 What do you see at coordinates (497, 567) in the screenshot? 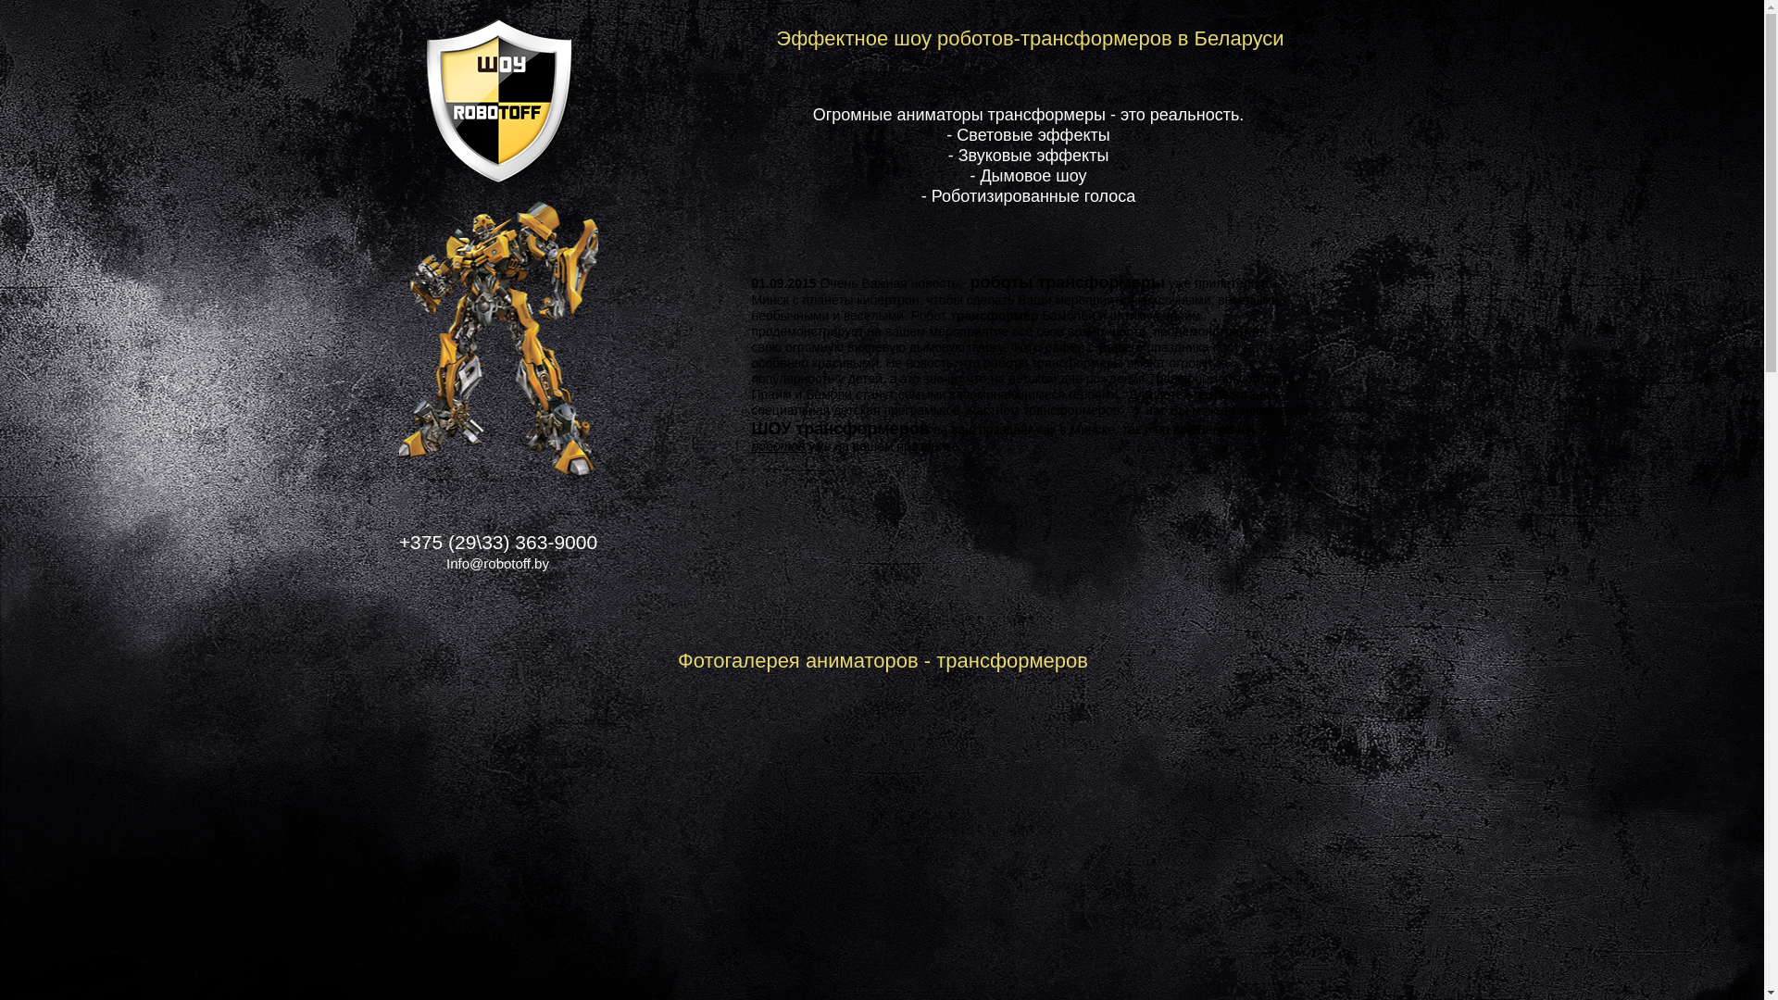
I see `'Info@robotoff.by'` at bounding box center [497, 567].